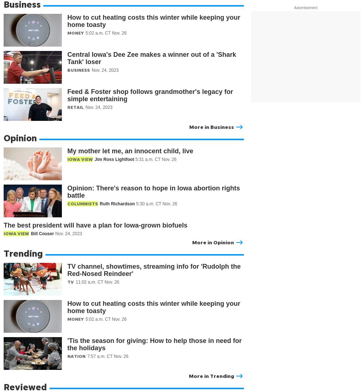 The width and height of the screenshot is (364, 391). What do you see at coordinates (154, 192) in the screenshot?
I see `'Opinion: There's reason to hope in Iowa abortion rights battle'` at bounding box center [154, 192].